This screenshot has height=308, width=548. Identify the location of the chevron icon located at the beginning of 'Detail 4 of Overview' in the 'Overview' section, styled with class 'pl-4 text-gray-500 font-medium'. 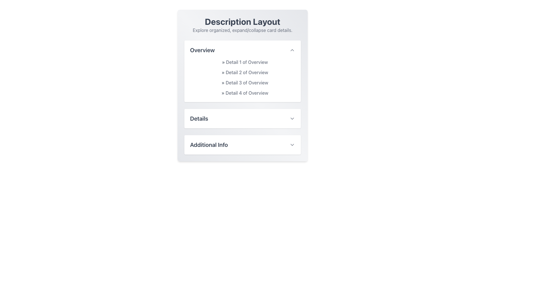
(223, 93).